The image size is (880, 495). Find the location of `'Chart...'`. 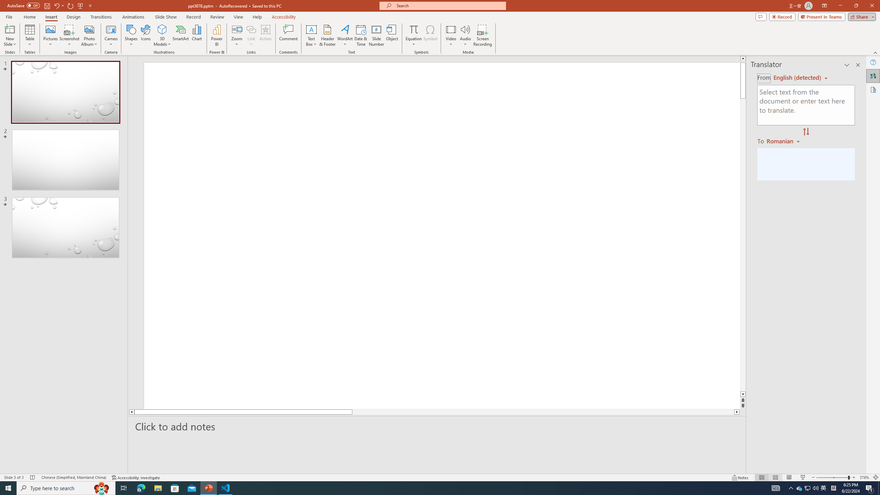

'Chart...' is located at coordinates (197, 35).